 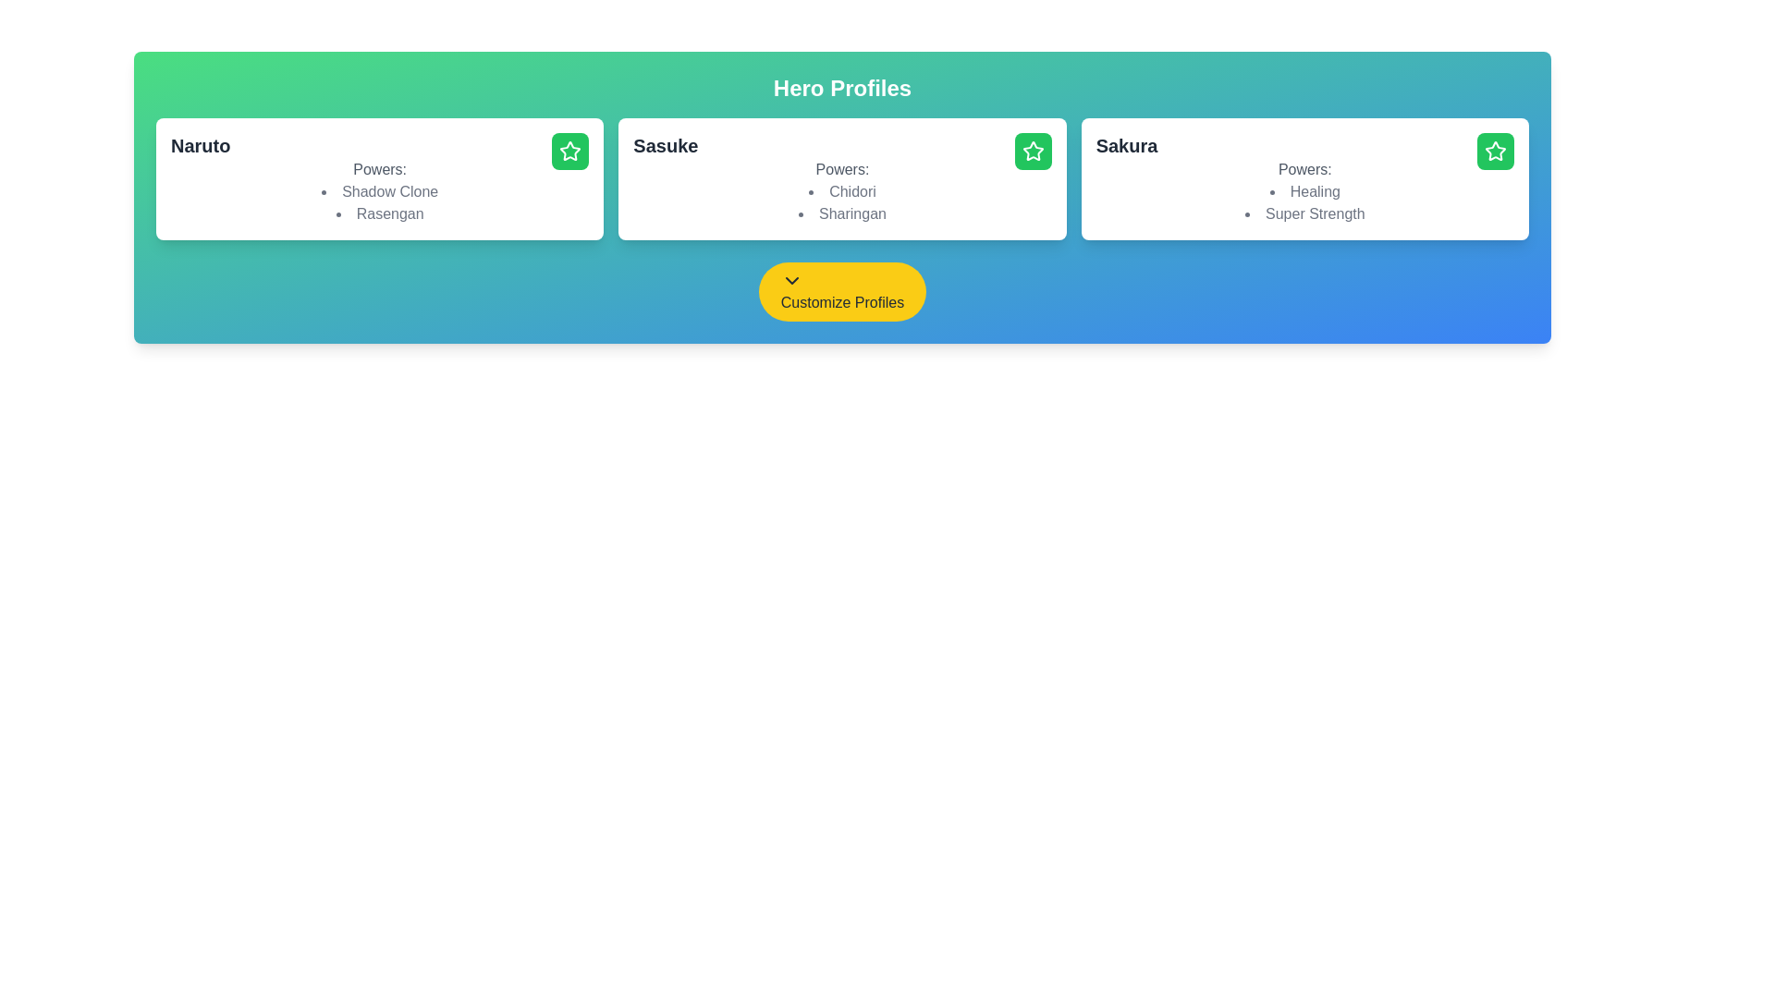 What do you see at coordinates (569, 151) in the screenshot?
I see `the button in the top-right corner of the 'Naruto' card to mark the content as favorite` at bounding box center [569, 151].